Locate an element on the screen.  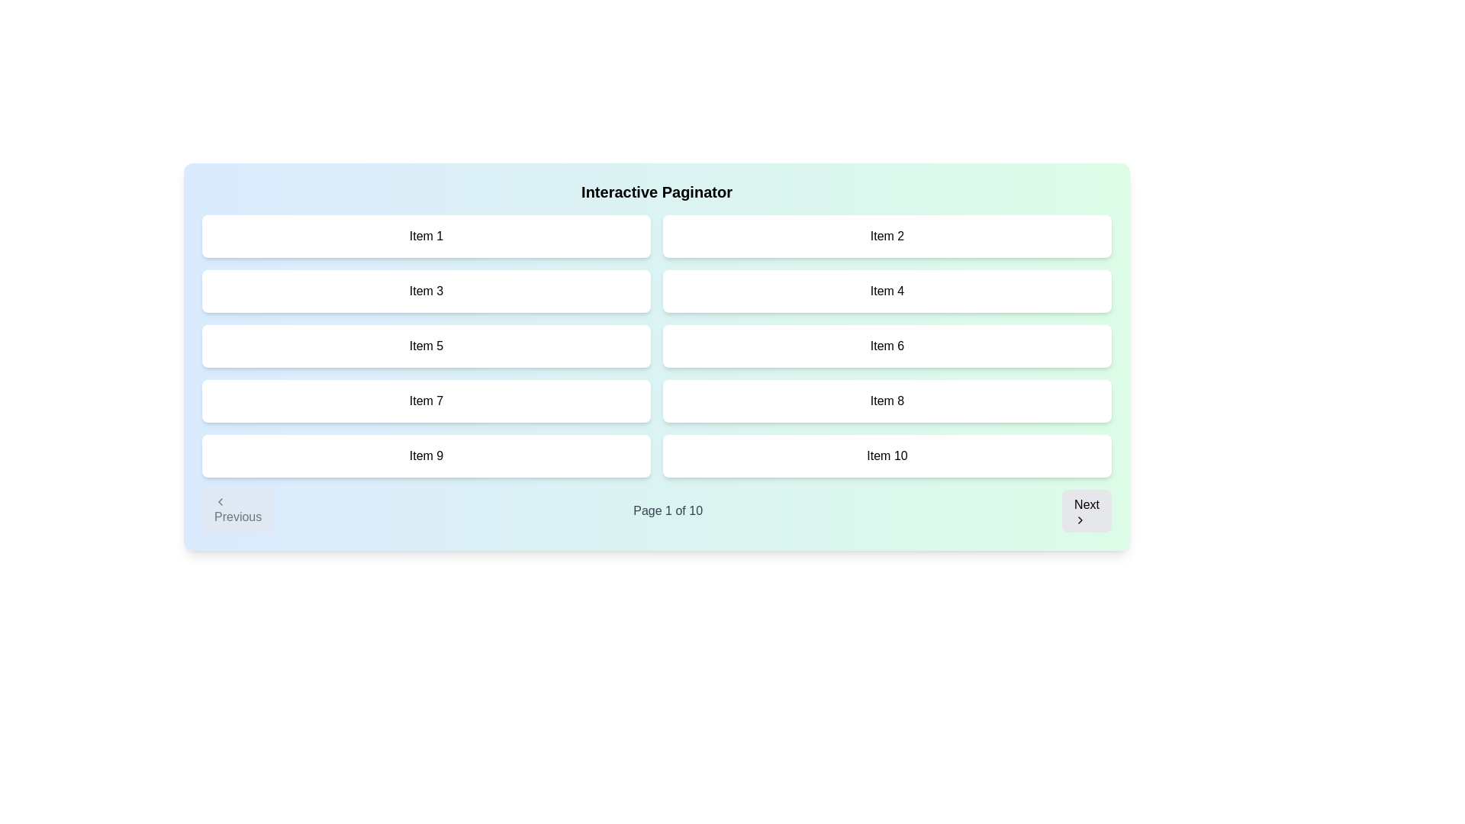
the button located at the bottom left corner of the pagination controls is located at coordinates (237, 511).